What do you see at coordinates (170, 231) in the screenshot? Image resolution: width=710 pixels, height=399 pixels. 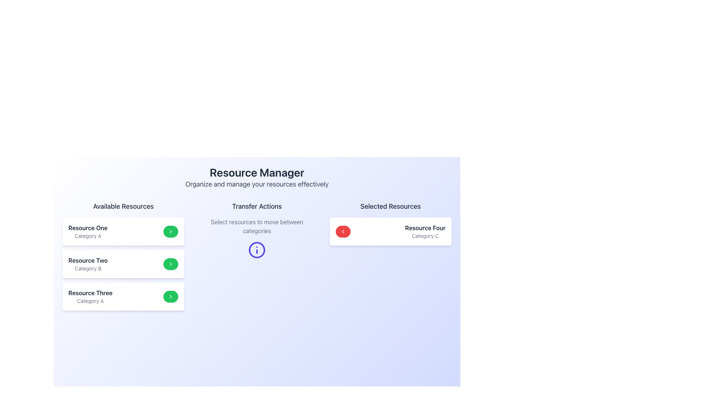 I see `the rightward-pointing chevron arrow icon within the green circular background, located next to the 'Resource One' list item in the 'Available Resources' section` at bounding box center [170, 231].